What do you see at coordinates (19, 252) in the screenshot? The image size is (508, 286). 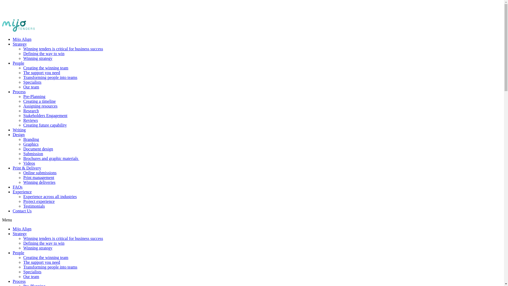 I see `'People'` at bounding box center [19, 252].